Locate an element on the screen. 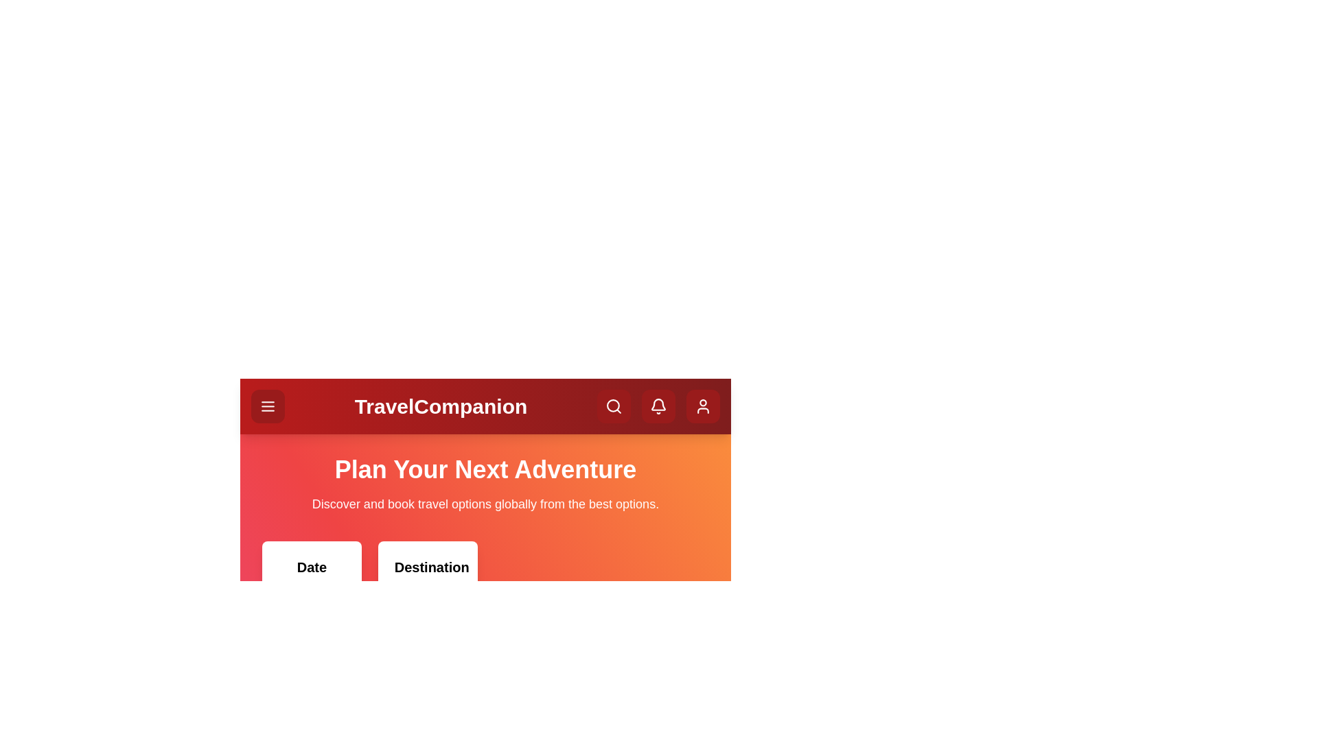 This screenshot has width=1318, height=741. the 'Destination' option in the main section is located at coordinates (427, 609).